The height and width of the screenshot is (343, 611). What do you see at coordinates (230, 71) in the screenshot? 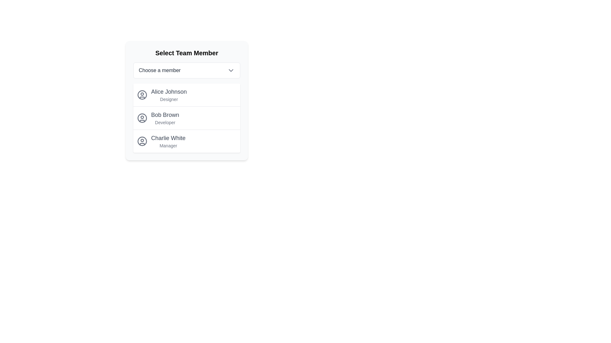
I see `the chevron down icon located to the right of the 'Choose a member' text` at bounding box center [230, 71].